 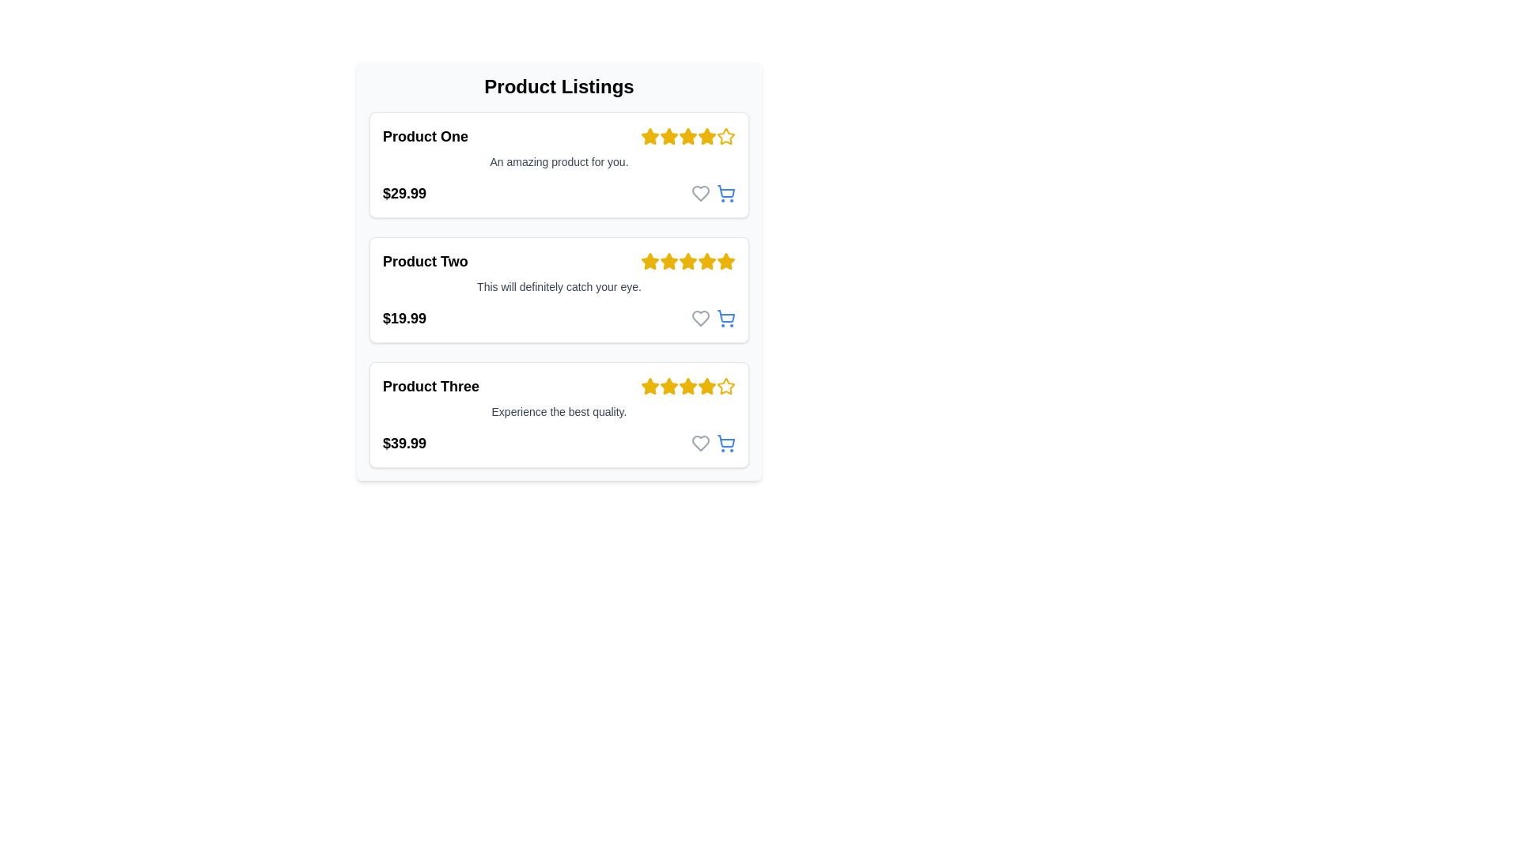 I want to click on the front curved part of the shopping cart icon located at the bottom-right corner of the product card for 'Product Two', so click(x=725, y=316).